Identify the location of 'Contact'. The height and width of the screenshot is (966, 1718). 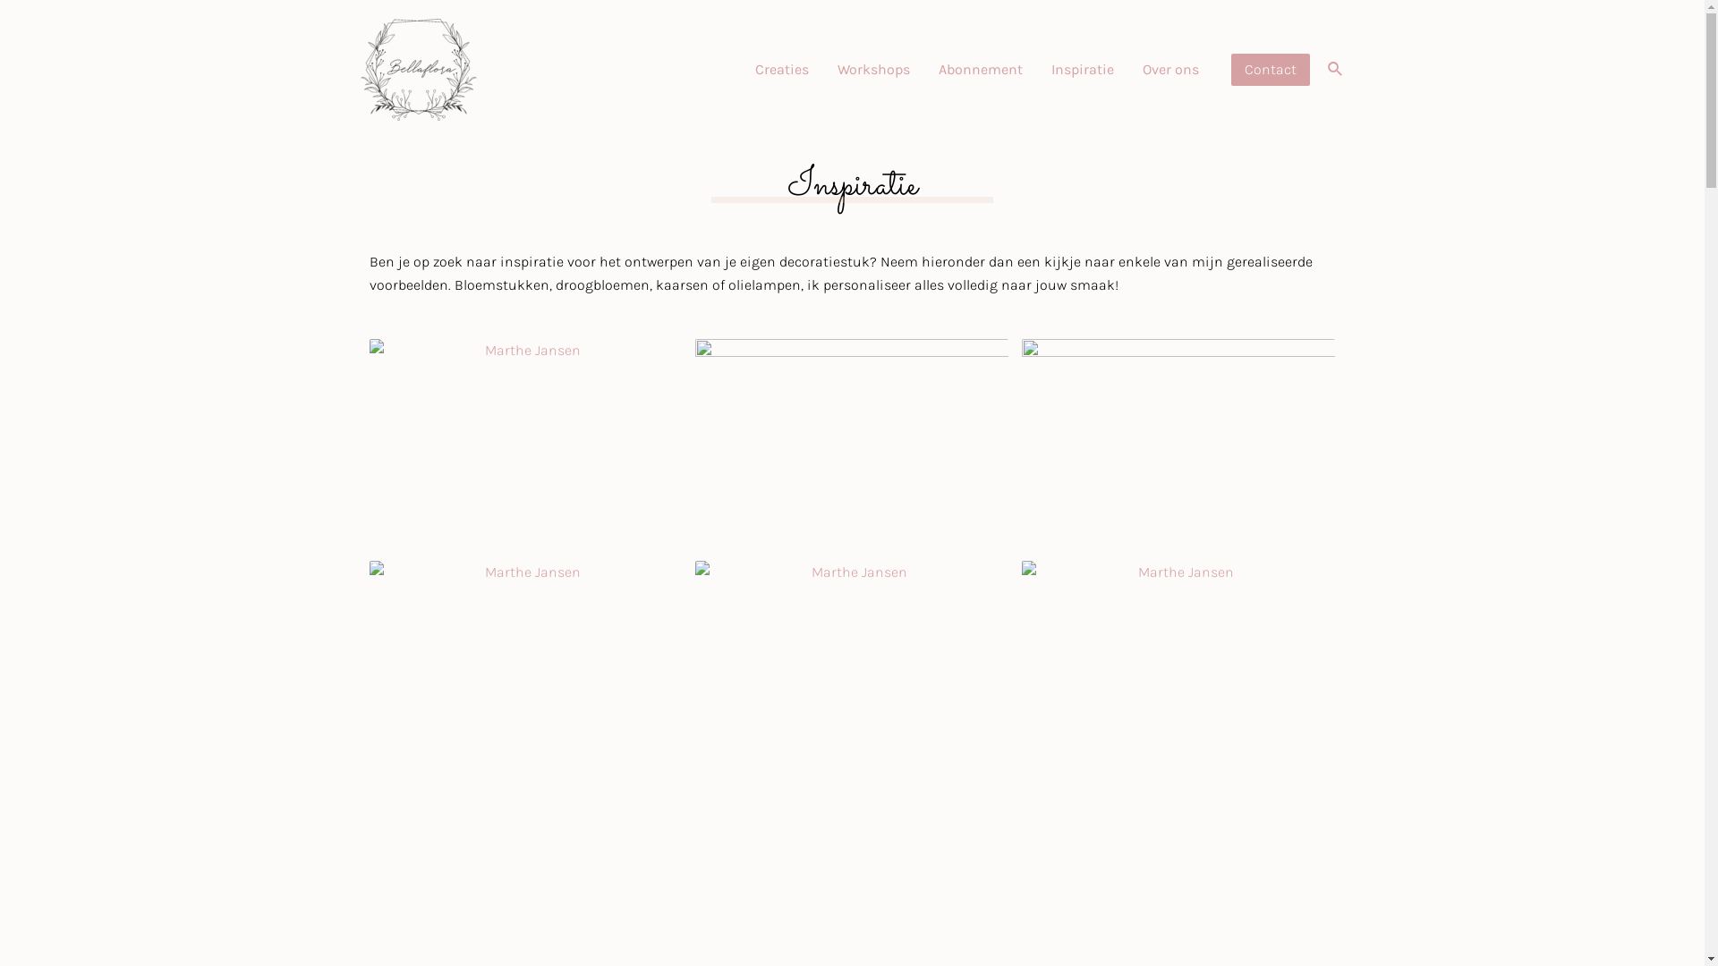
(1270, 68).